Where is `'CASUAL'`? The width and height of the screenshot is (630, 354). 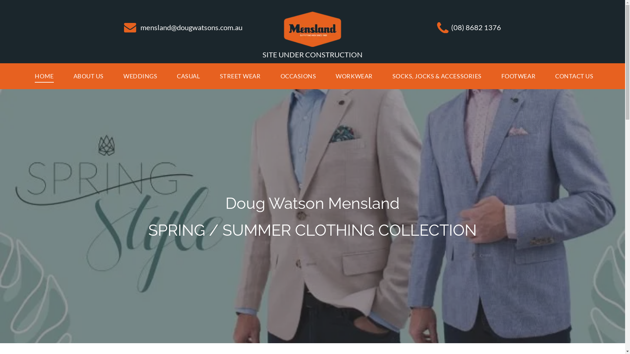
'CASUAL' is located at coordinates (188, 76).